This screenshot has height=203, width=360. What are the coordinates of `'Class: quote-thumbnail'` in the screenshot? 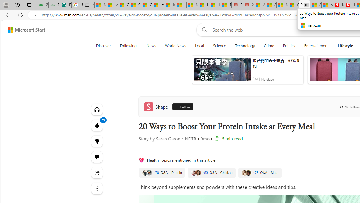 It's located at (248, 173).